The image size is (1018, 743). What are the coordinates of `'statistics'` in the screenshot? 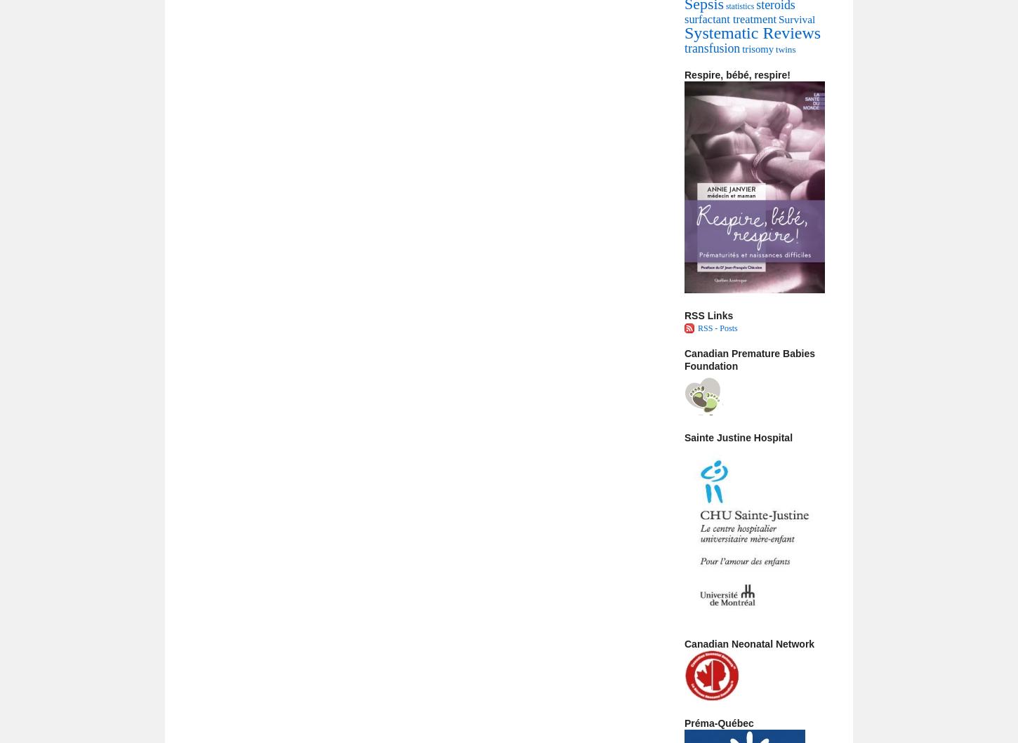 It's located at (725, 6).